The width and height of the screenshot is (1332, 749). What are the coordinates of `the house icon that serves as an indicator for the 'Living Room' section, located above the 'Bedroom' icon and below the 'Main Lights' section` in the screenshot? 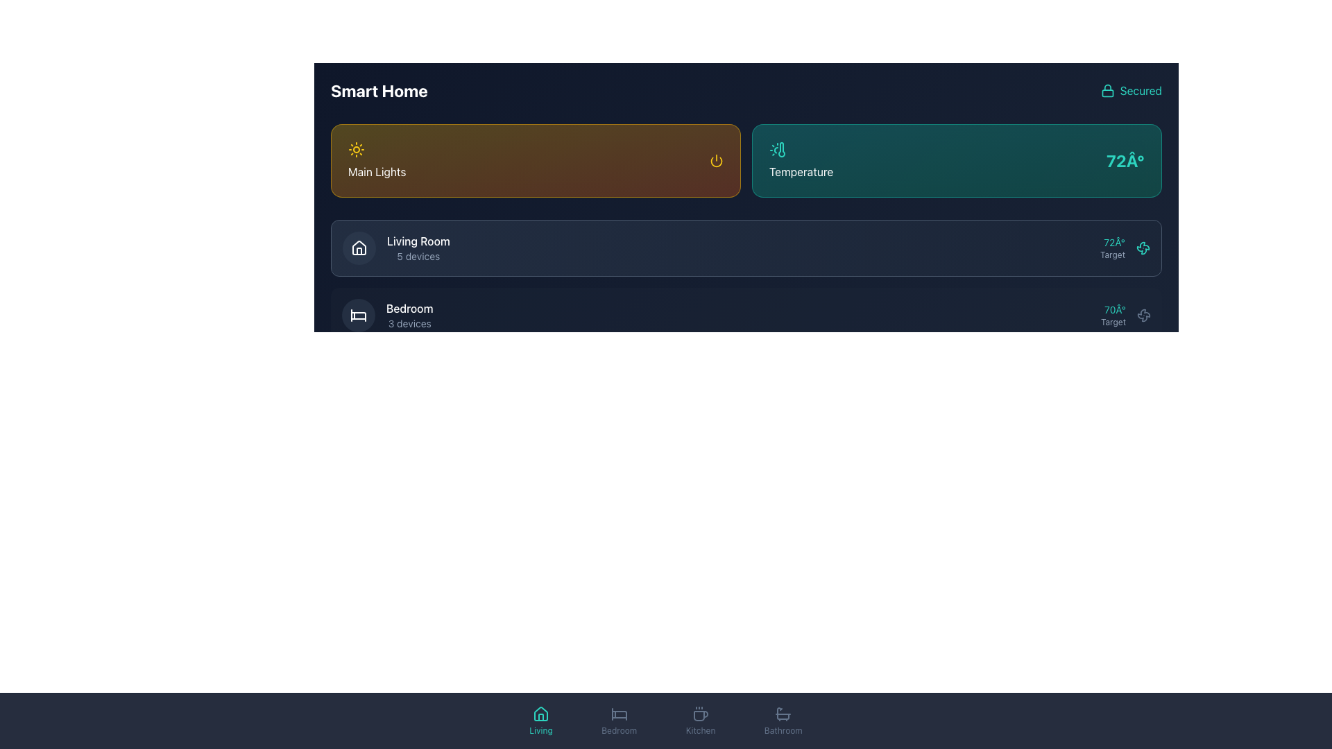 It's located at (359, 248).